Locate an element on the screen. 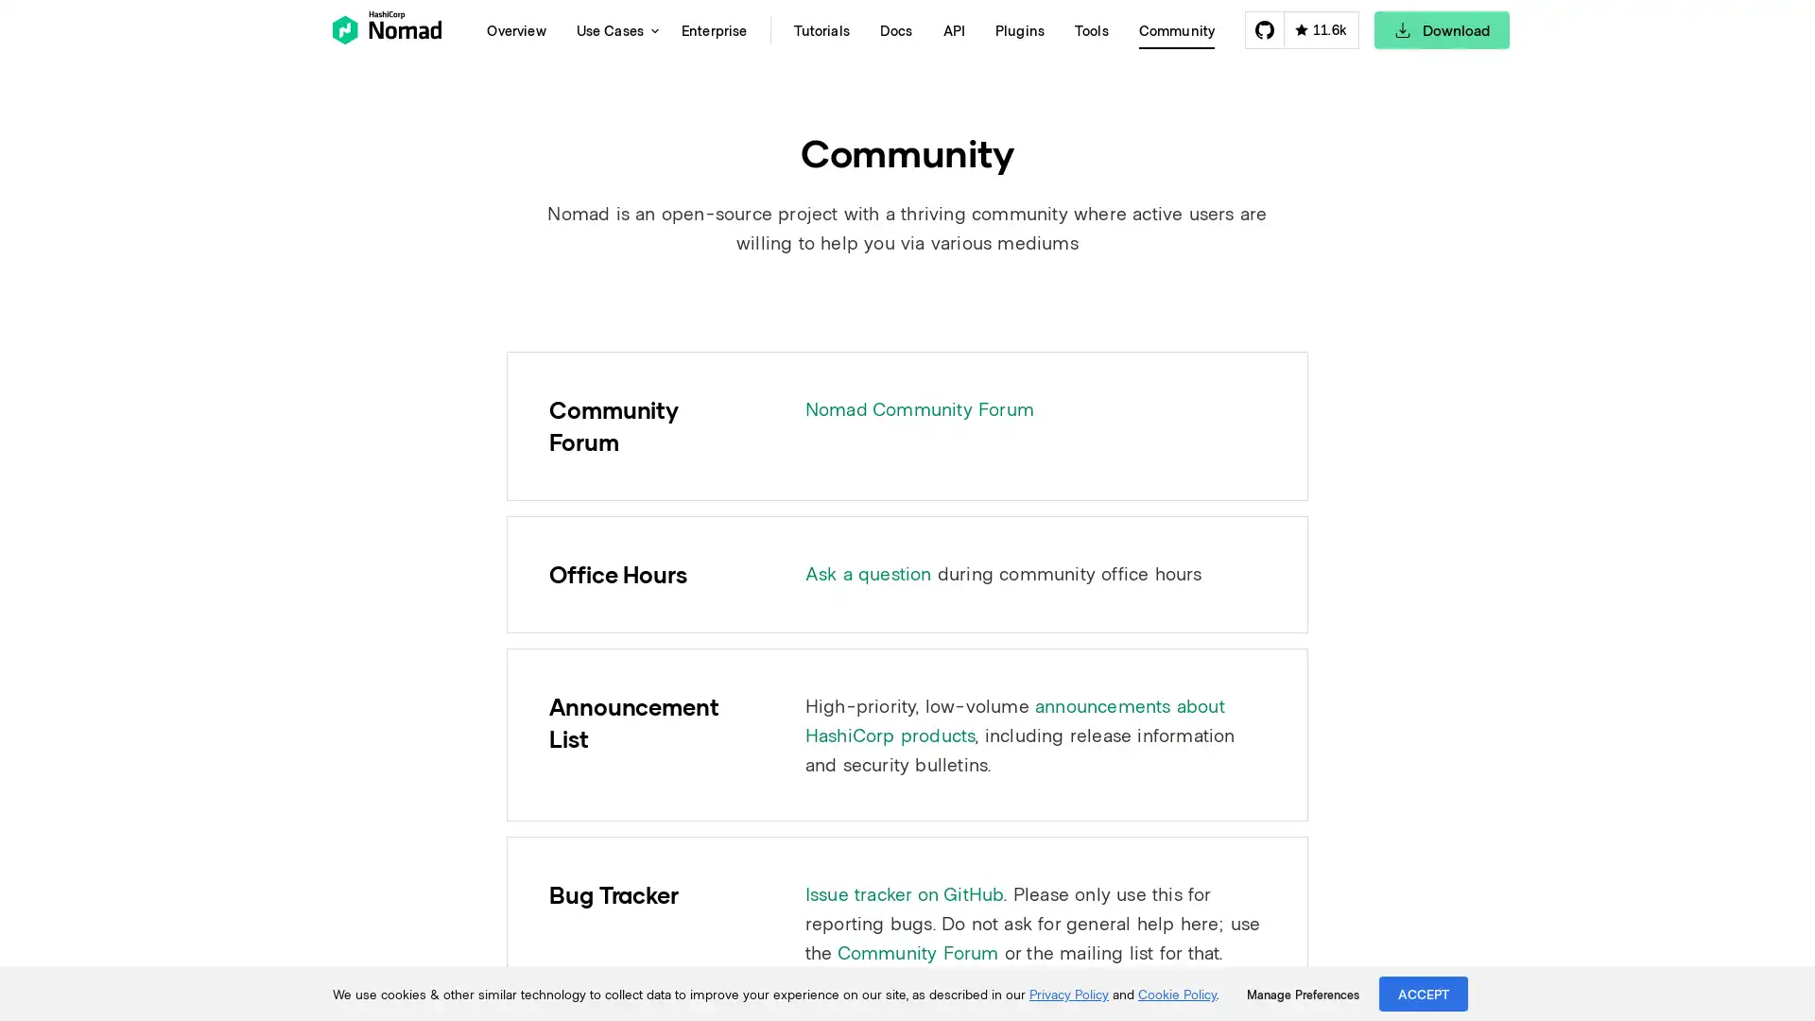 The height and width of the screenshot is (1021, 1815). Use Cases is located at coordinates (613, 29).